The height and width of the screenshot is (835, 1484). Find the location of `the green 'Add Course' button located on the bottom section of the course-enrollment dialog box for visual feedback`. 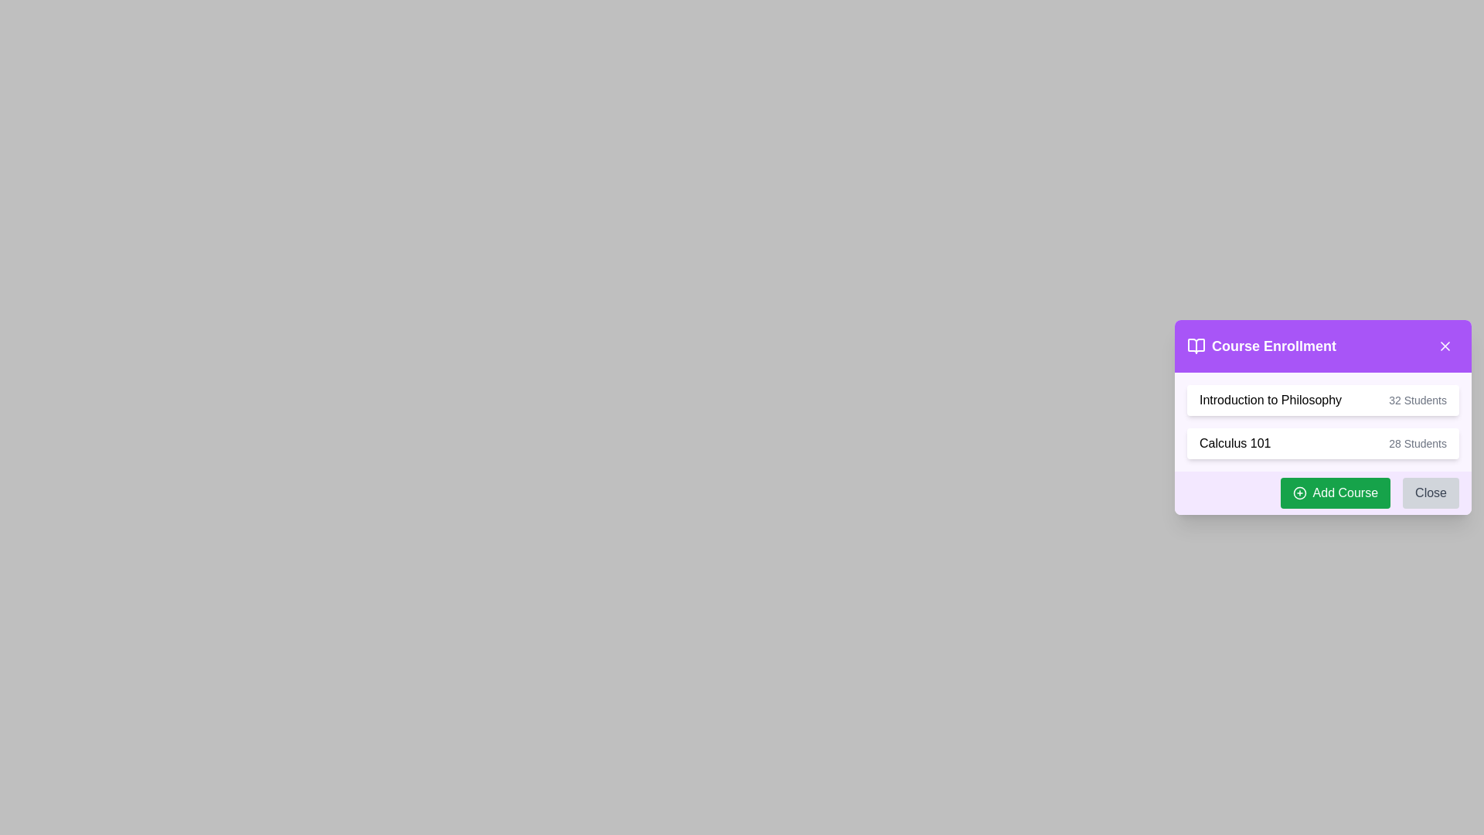

the green 'Add Course' button located on the bottom section of the course-enrollment dialog box for visual feedback is located at coordinates (1322, 492).